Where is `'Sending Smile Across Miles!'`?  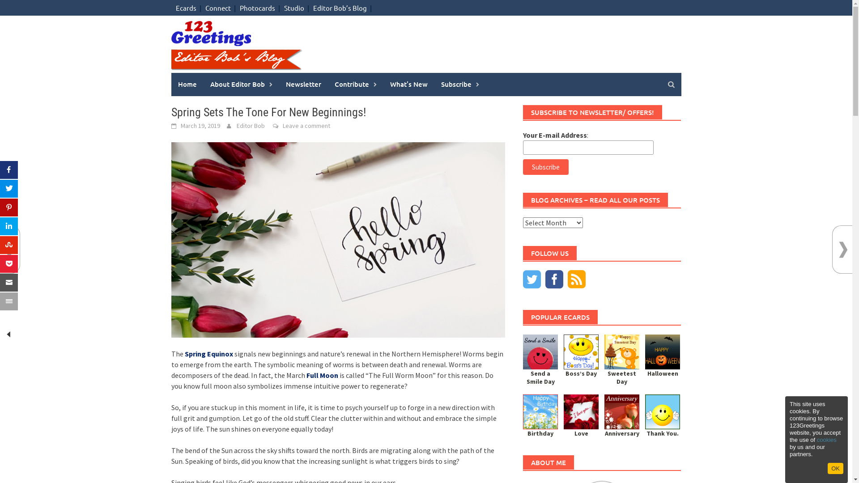 'Sending Smile Across Miles!' is located at coordinates (540, 351).